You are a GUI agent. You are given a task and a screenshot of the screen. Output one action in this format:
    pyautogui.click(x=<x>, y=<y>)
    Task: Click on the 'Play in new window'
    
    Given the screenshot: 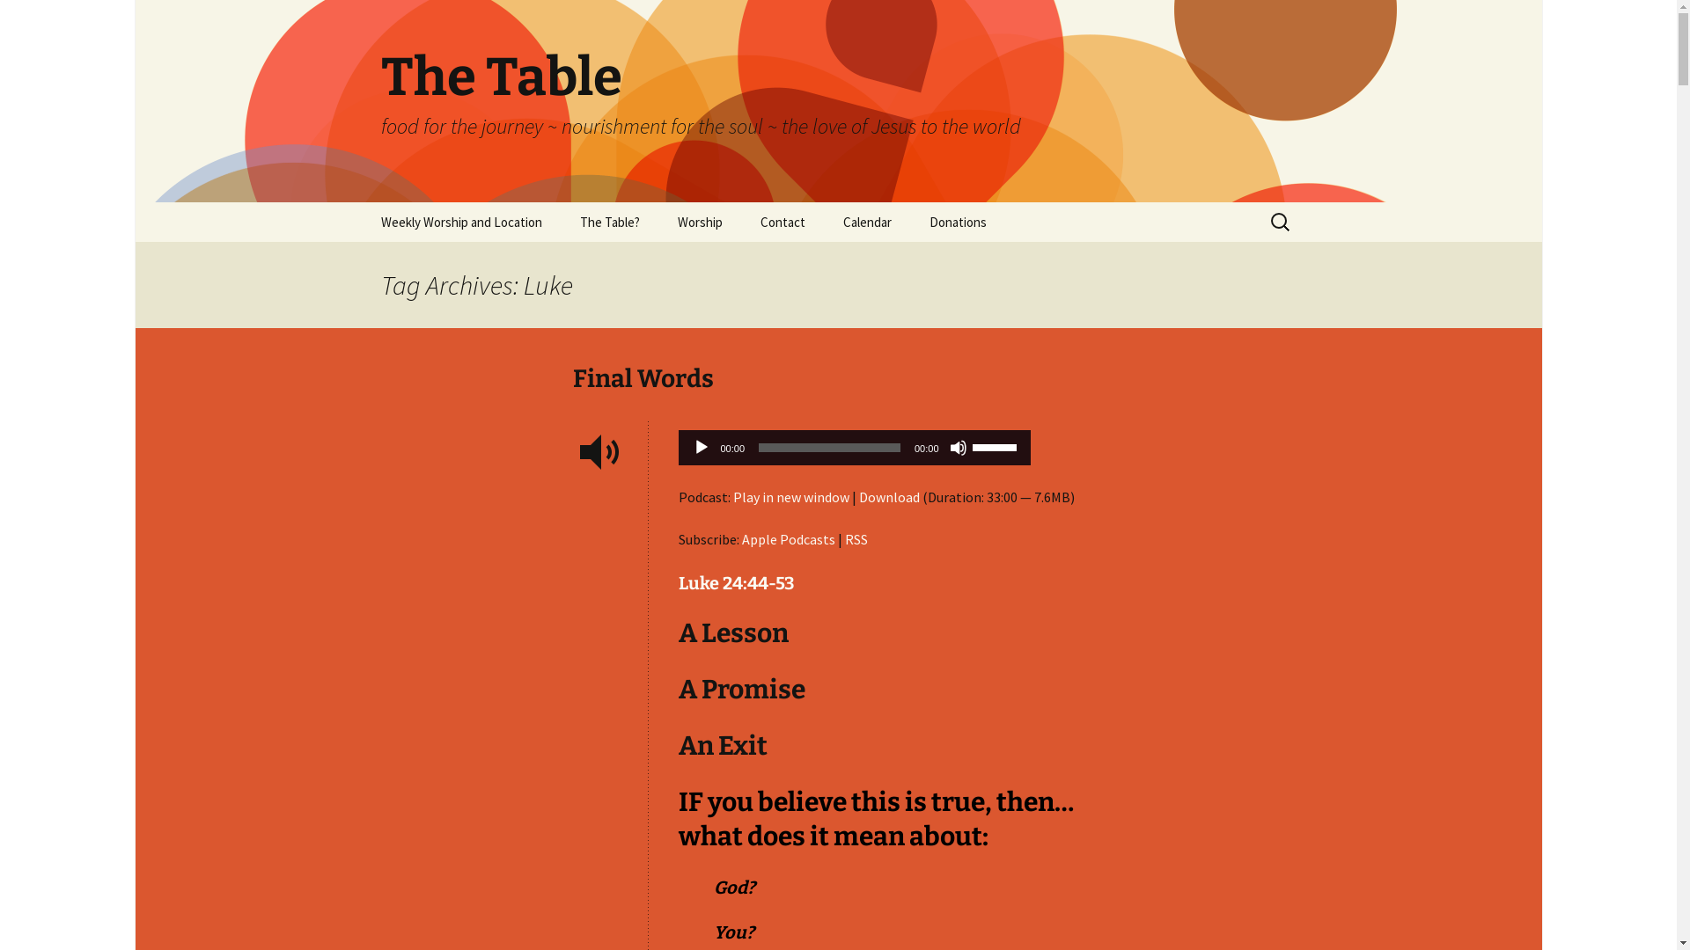 What is the action you would take?
    pyautogui.click(x=789, y=496)
    